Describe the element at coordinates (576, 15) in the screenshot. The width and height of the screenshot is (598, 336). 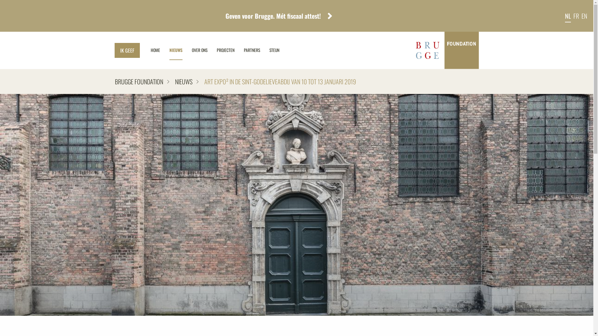
I see `'FR'` at that location.